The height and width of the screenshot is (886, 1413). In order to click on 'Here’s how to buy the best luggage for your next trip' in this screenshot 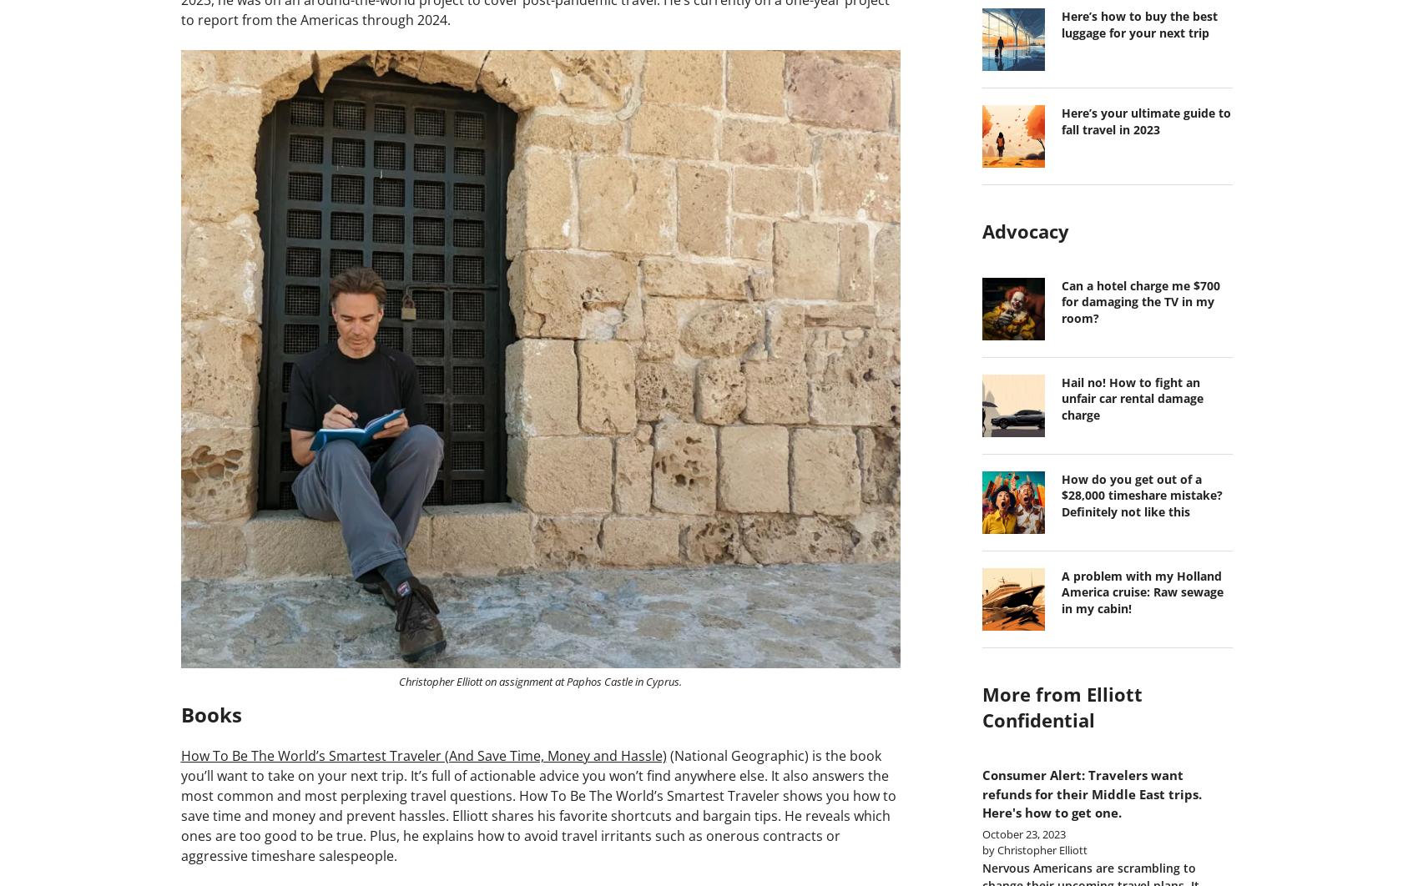, I will do `click(1138, 23)`.